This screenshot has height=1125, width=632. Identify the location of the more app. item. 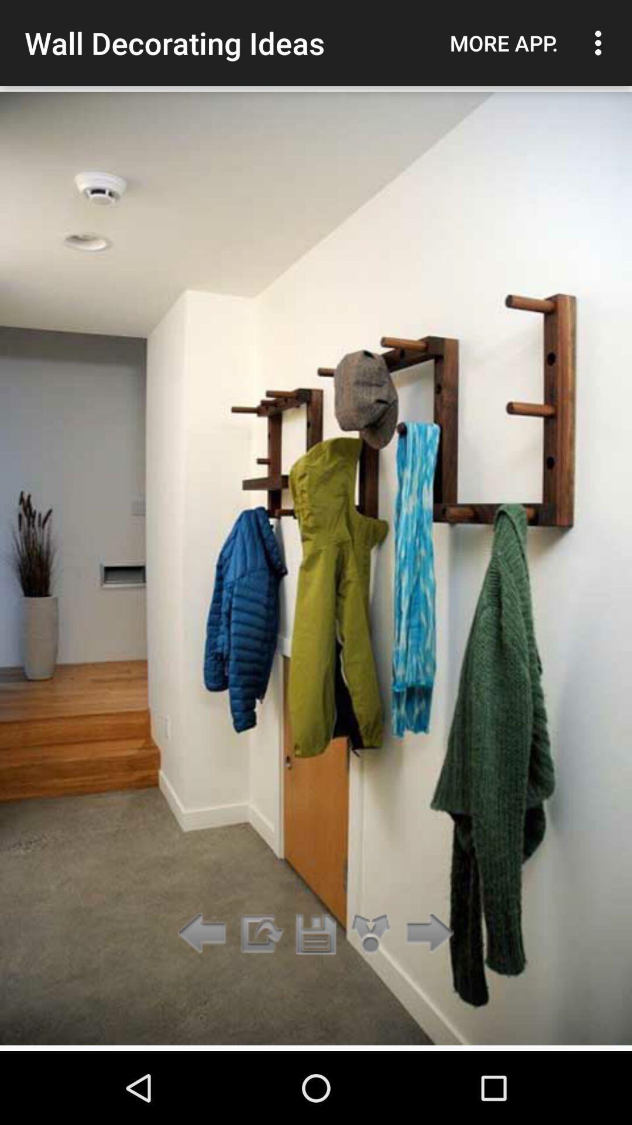
(503, 43).